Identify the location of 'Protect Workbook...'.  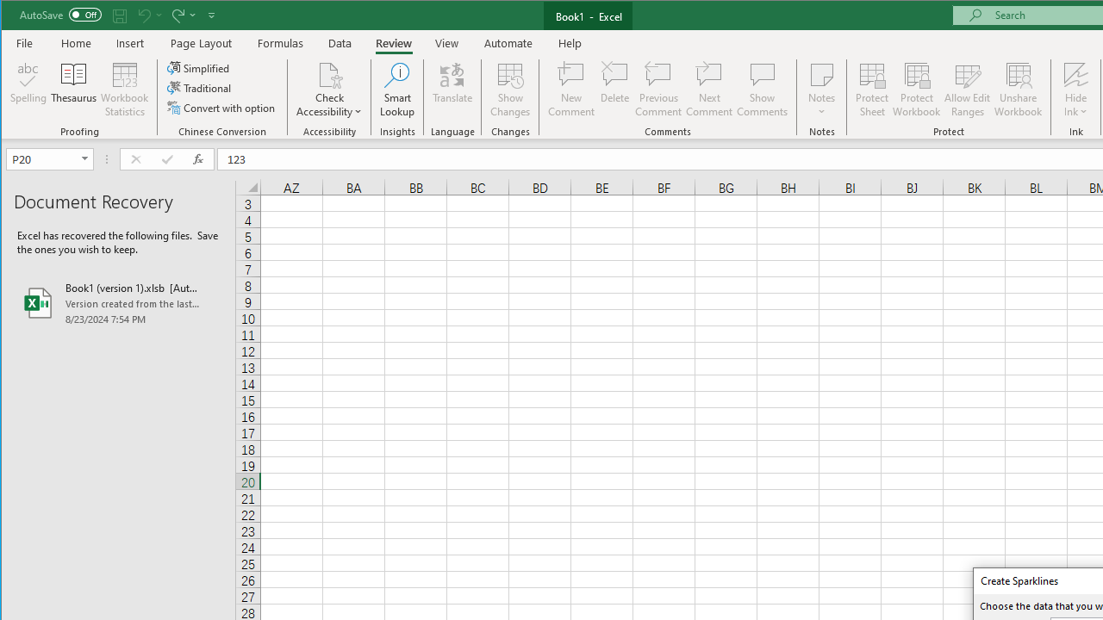
(916, 90).